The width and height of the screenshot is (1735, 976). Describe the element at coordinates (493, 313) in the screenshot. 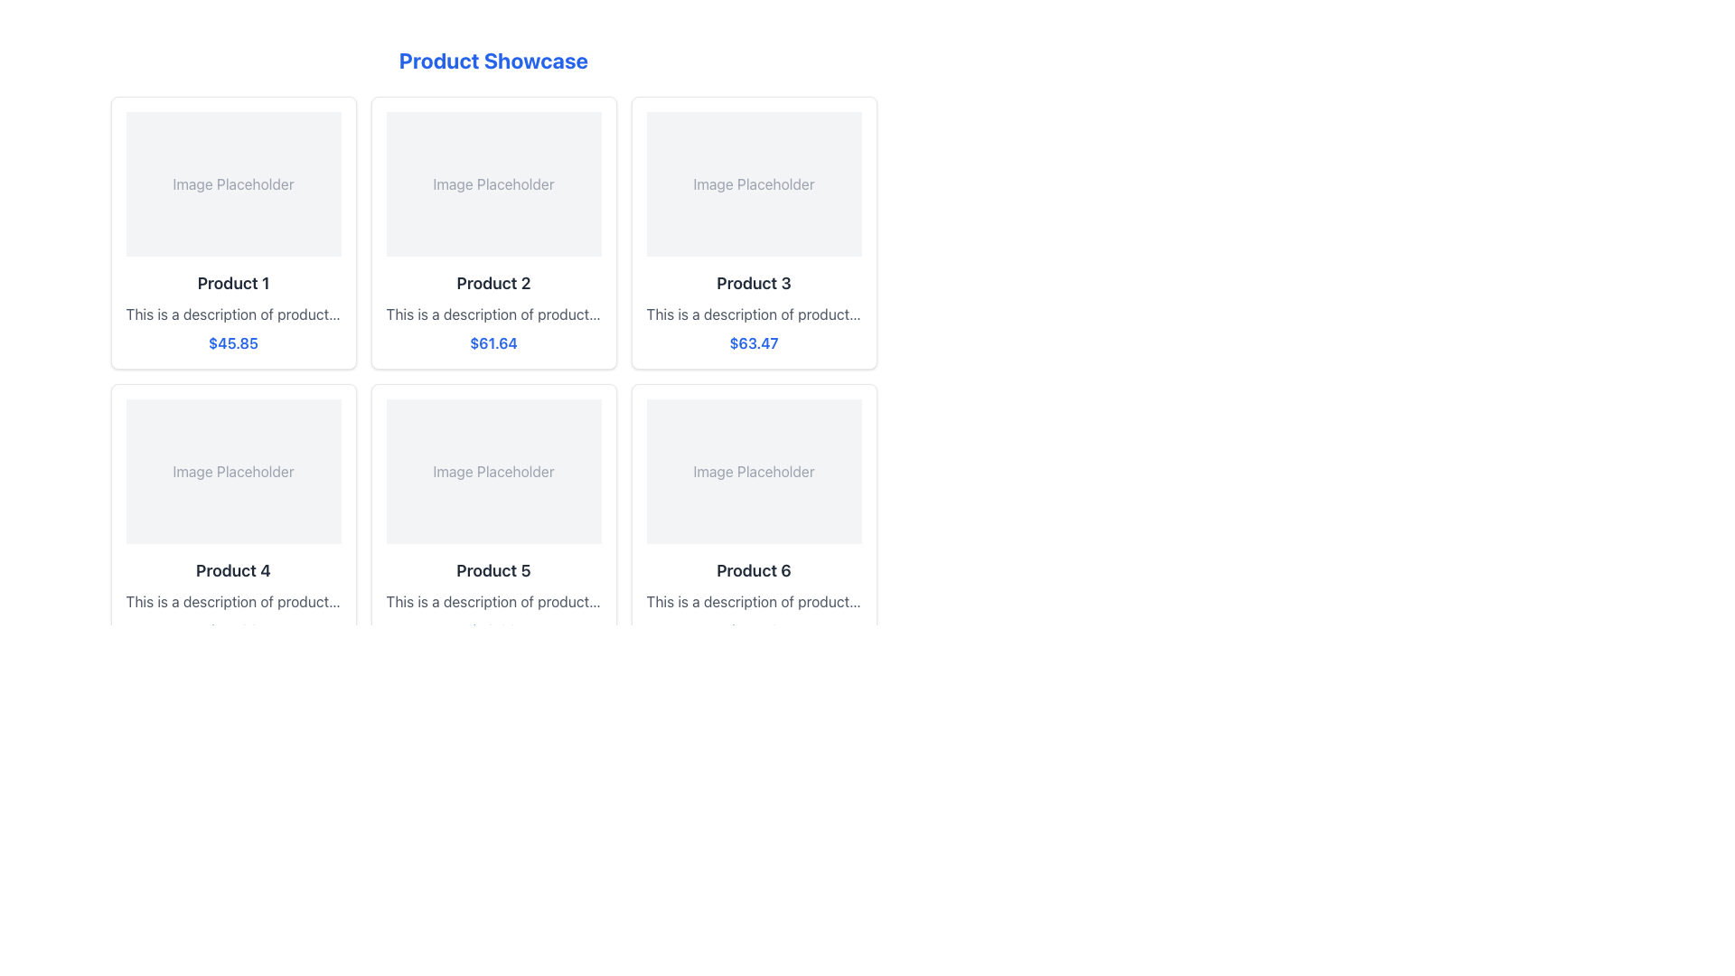

I see `the static text element that provides additional information about Product 2, which is located in the second card of the top row, between the product title and the price` at that location.